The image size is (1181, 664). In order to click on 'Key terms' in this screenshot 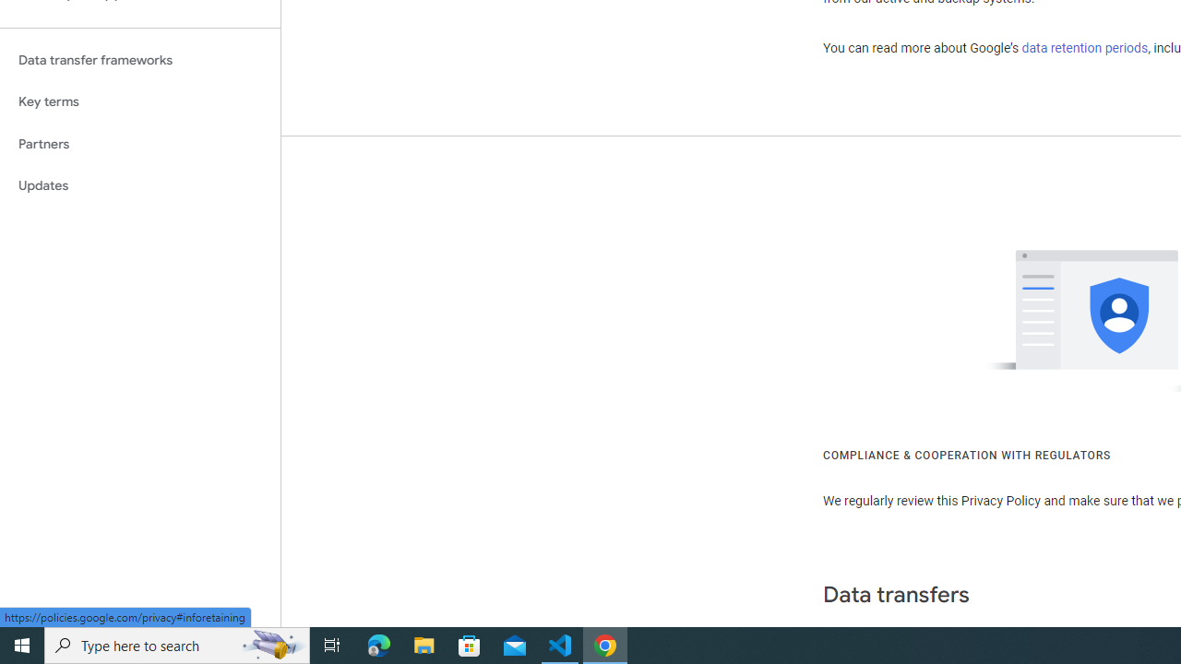, I will do `click(139, 101)`.